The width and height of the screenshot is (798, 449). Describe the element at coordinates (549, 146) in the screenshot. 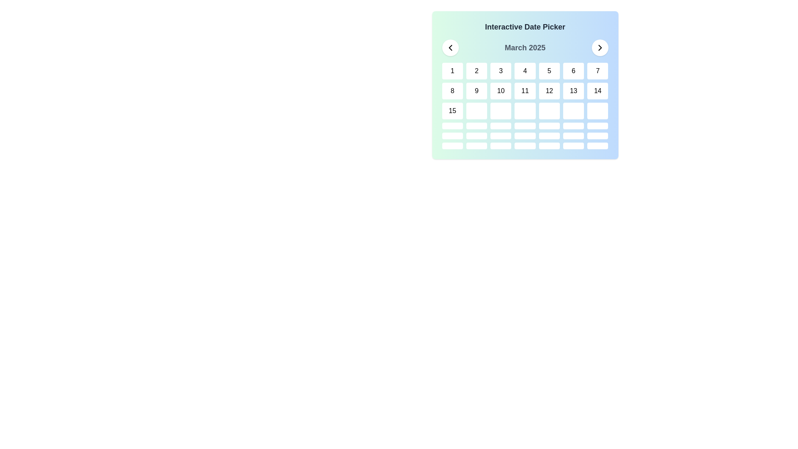

I see `the selectable date box located in the fifth column of the fifth row in the calendar interface` at that location.